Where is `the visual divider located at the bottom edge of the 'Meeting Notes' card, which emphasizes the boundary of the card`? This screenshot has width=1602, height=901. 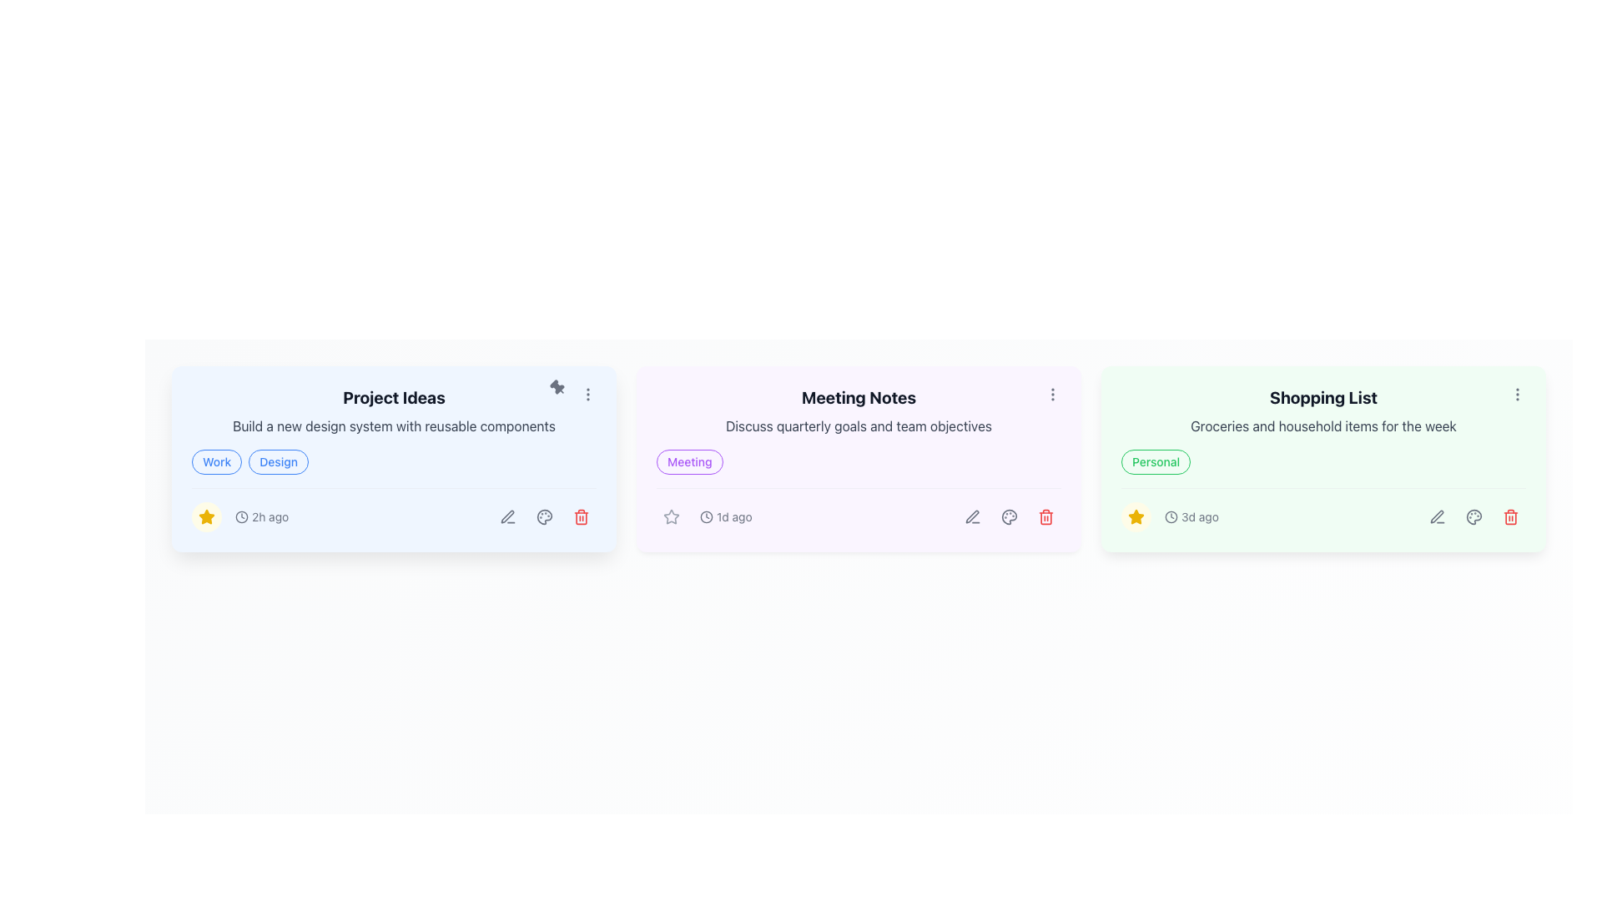 the visual divider located at the bottom edge of the 'Meeting Notes' card, which emphasizes the boundary of the card is located at coordinates (859, 550).